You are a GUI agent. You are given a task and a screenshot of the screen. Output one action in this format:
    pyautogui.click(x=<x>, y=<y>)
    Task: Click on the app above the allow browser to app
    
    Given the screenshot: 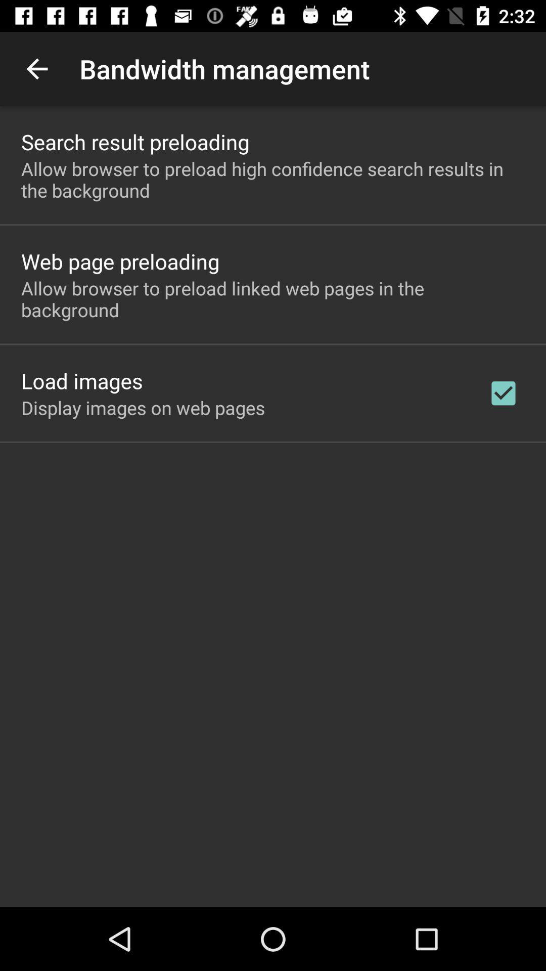 What is the action you would take?
    pyautogui.click(x=120, y=261)
    